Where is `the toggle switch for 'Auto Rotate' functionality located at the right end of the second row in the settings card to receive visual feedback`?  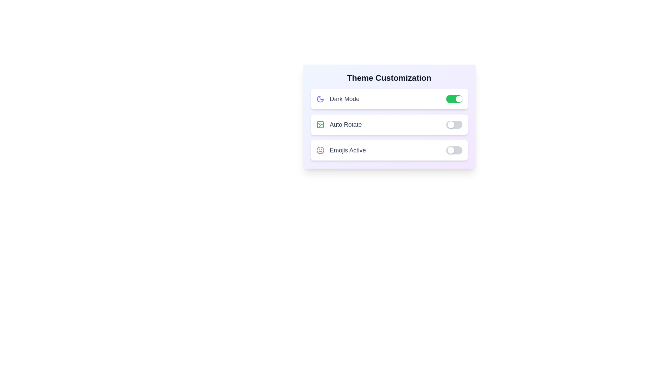
the toggle switch for 'Auto Rotate' functionality located at the right end of the second row in the settings card to receive visual feedback is located at coordinates (454, 125).